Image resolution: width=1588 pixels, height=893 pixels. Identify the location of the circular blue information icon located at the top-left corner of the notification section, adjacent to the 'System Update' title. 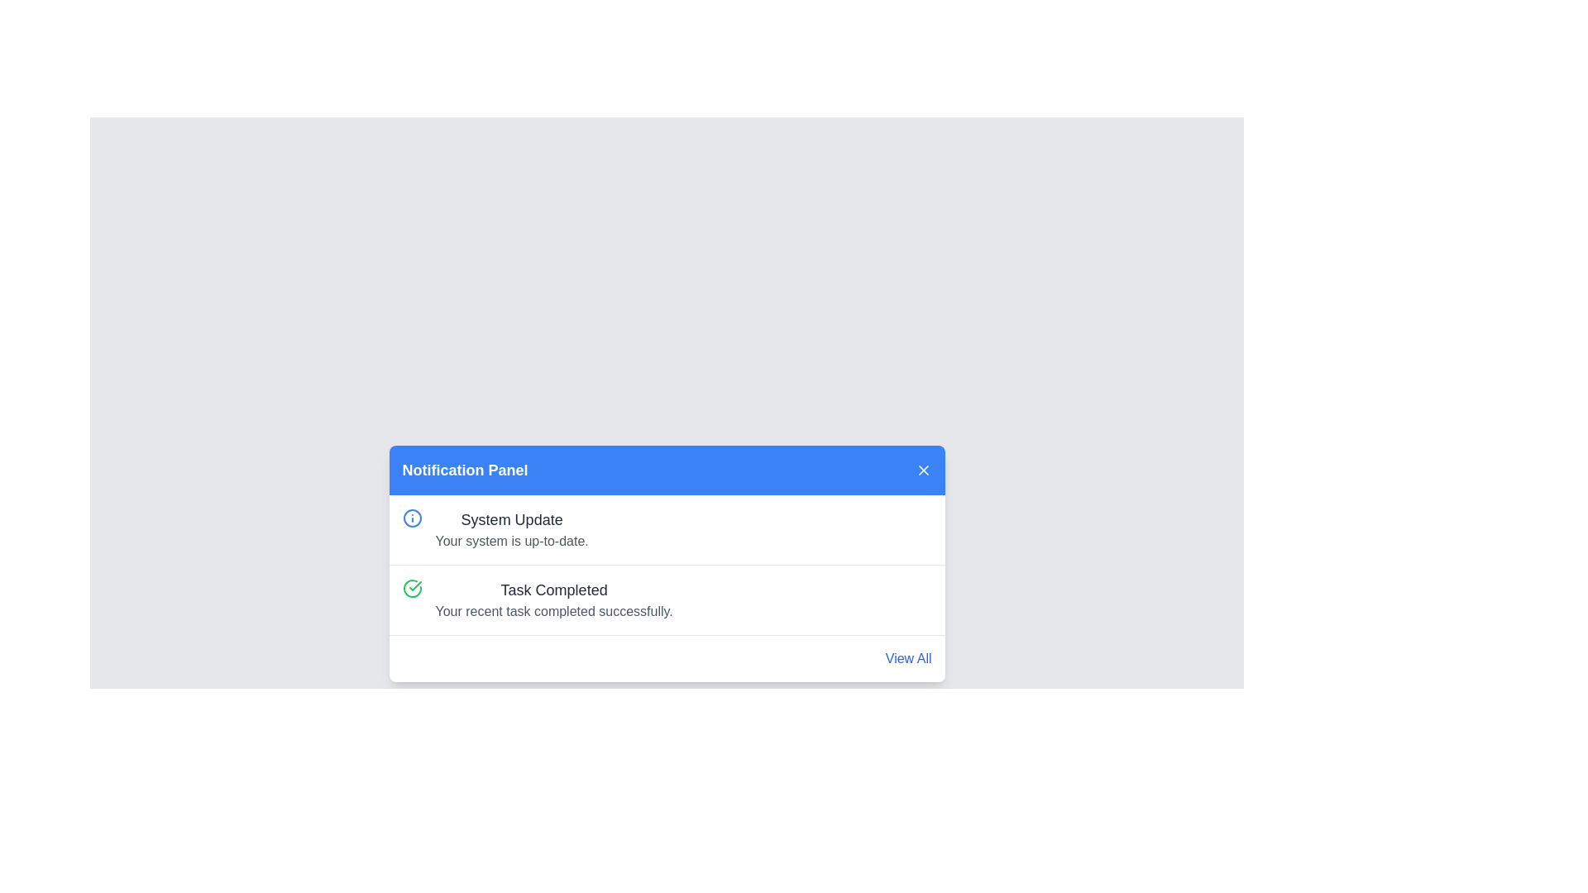
(412, 518).